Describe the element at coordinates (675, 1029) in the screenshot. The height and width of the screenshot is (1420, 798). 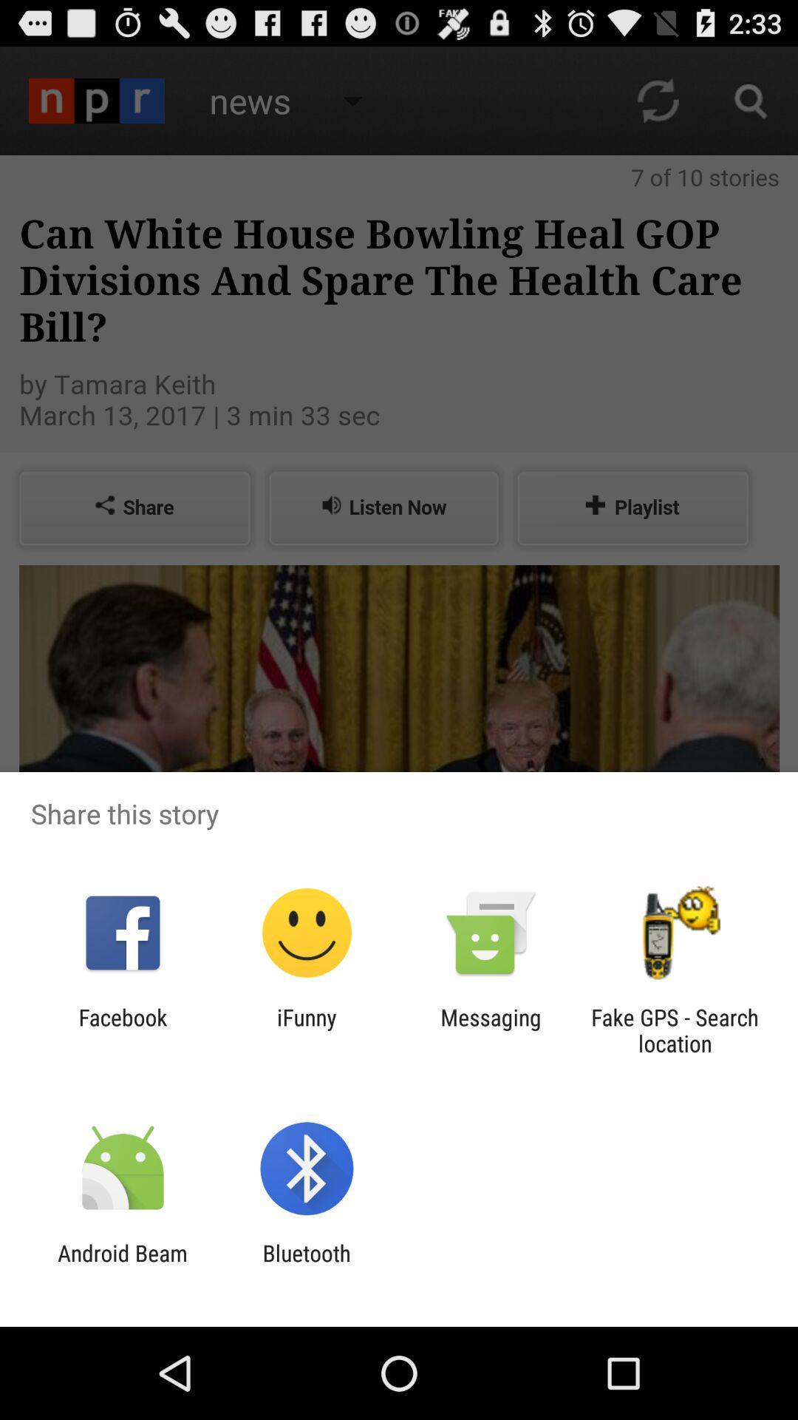
I see `the fake gps search app` at that location.